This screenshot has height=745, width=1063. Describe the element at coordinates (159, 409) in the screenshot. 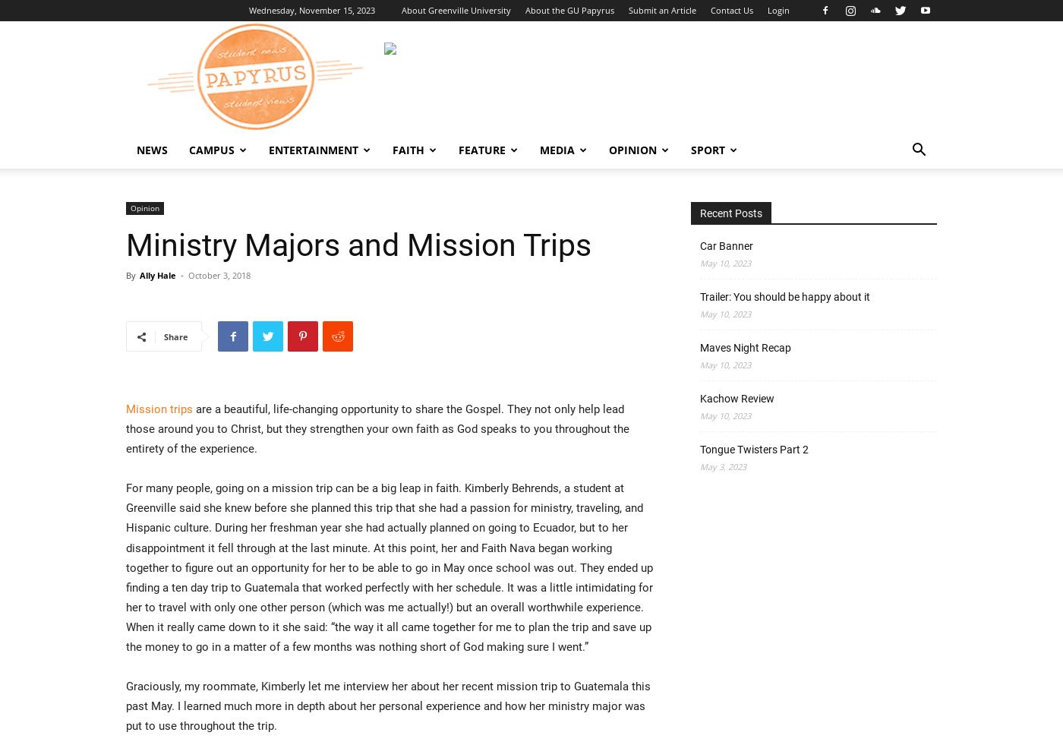

I see `'Mission trips'` at that location.